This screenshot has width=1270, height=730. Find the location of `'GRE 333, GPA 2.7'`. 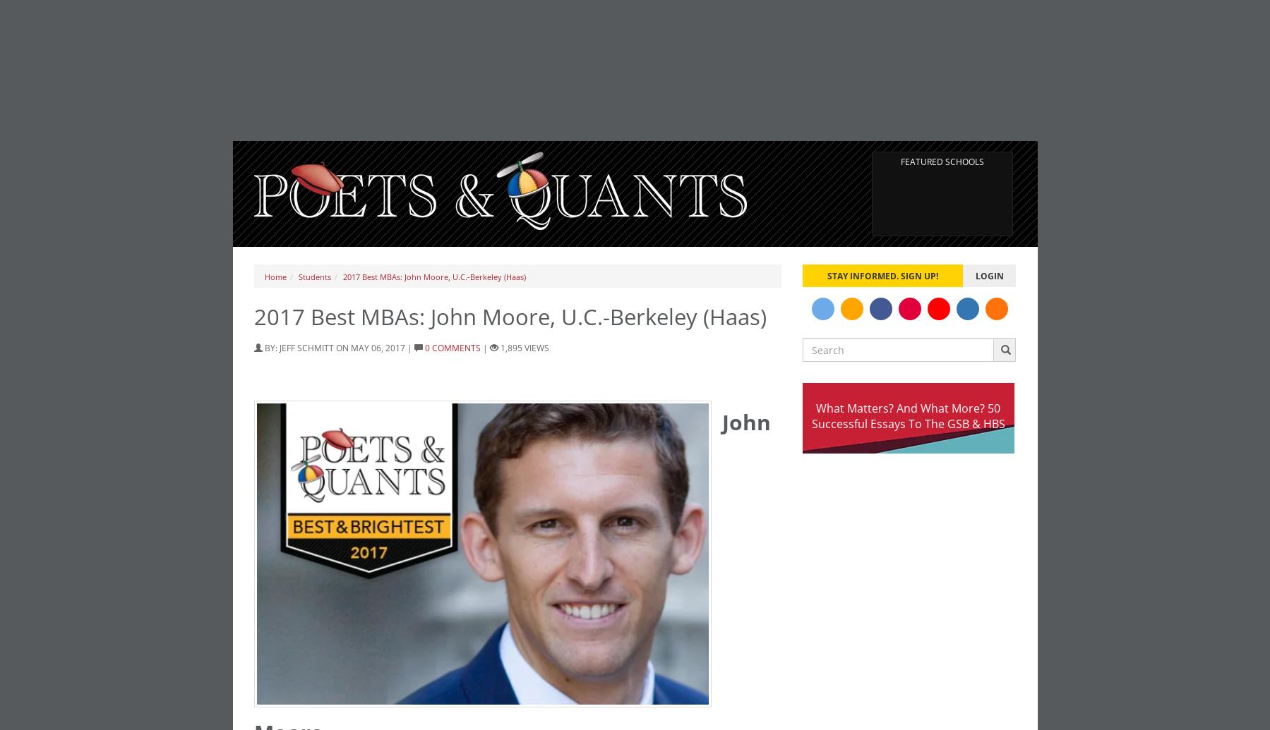

'GRE 333, GPA 2.7' is located at coordinates (352, 30).